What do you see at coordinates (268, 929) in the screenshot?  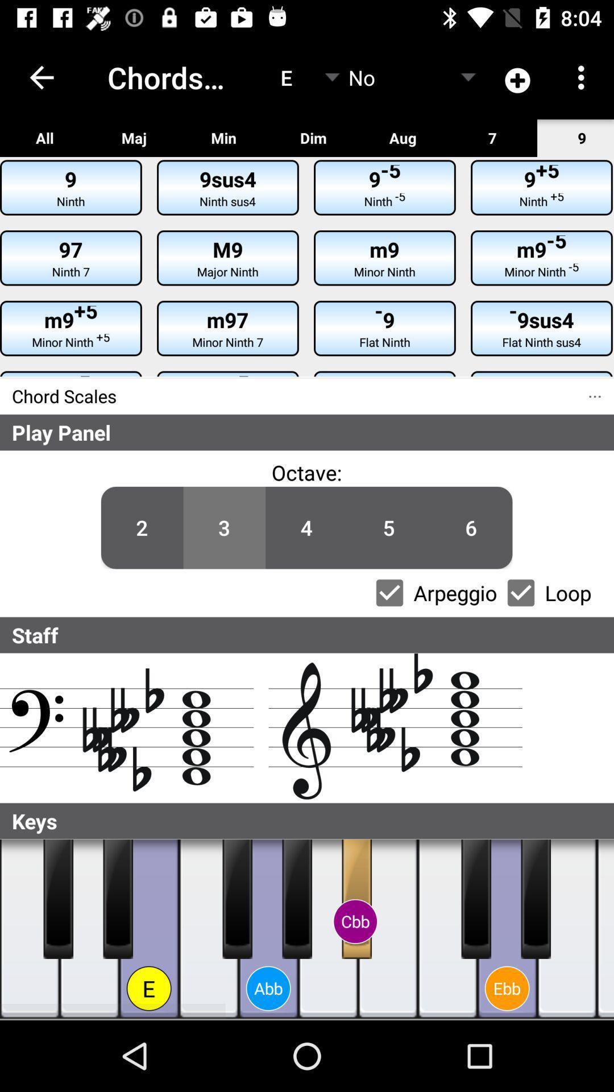 I see `the music key abb` at bounding box center [268, 929].